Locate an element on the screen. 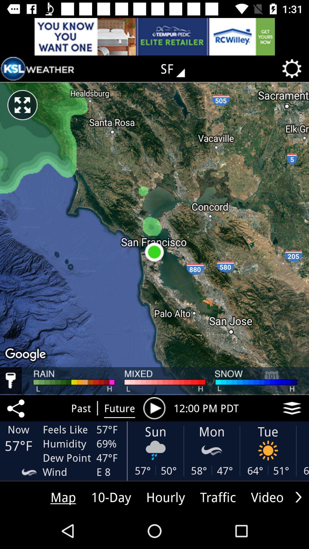  the layers icon is located at coordinates (292, 408).